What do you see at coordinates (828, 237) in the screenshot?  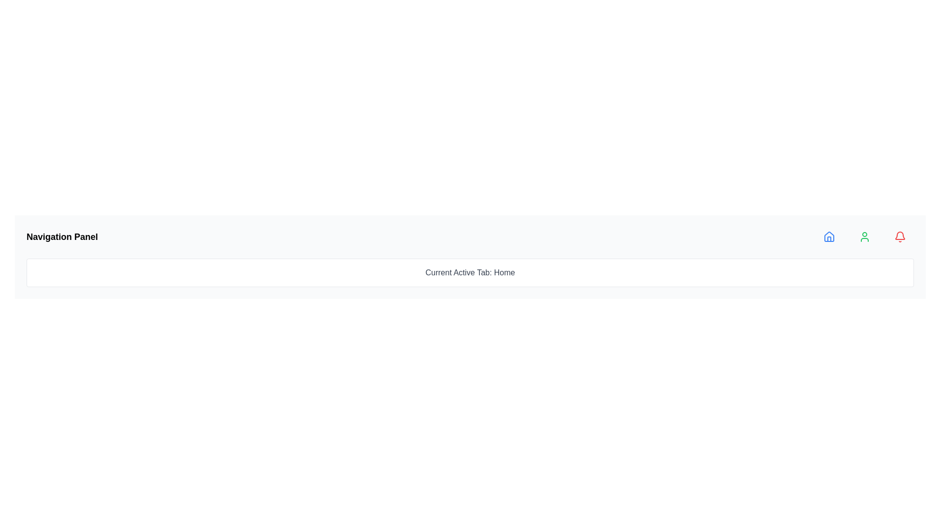 I see `the Home button located` at bounding box center [828, 237].